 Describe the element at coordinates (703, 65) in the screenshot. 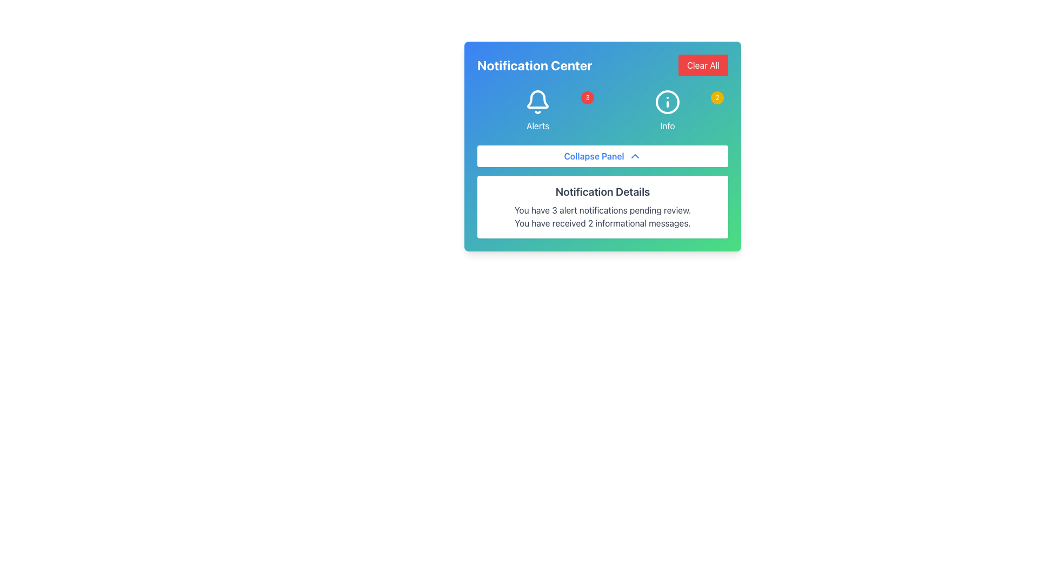

I see `the button to clear all notifications in the Notification Center located at the top-right corner of the banner header` at that location.